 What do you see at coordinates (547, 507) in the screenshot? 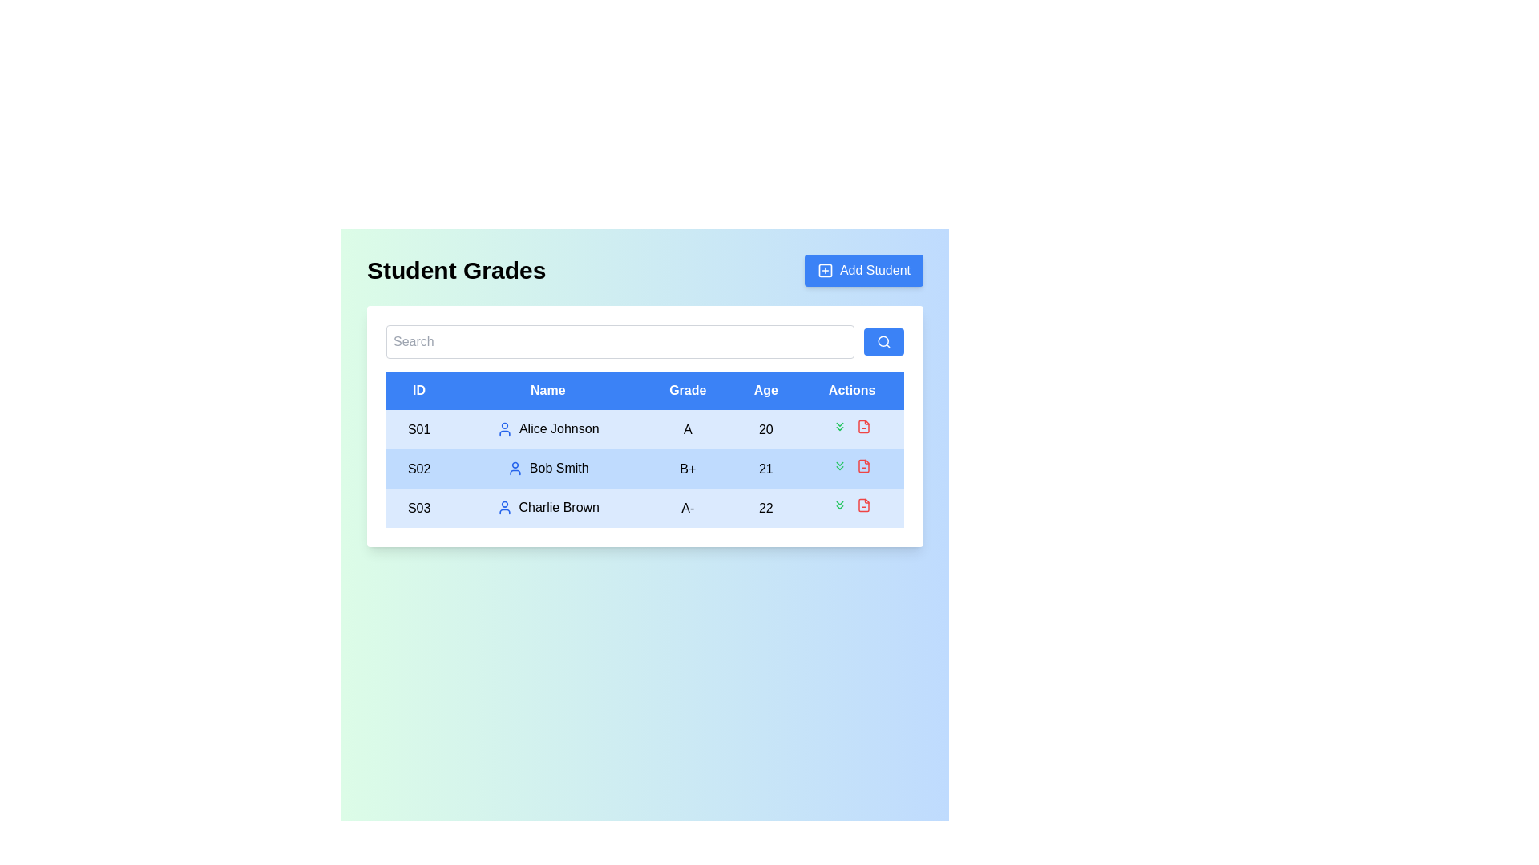
I see `the text label displaying 'Charlie Brown', which is located in the third row of the table, adjacent to the 'S03' ID value and the 'A-' grade` at bounding box center [547, 507].